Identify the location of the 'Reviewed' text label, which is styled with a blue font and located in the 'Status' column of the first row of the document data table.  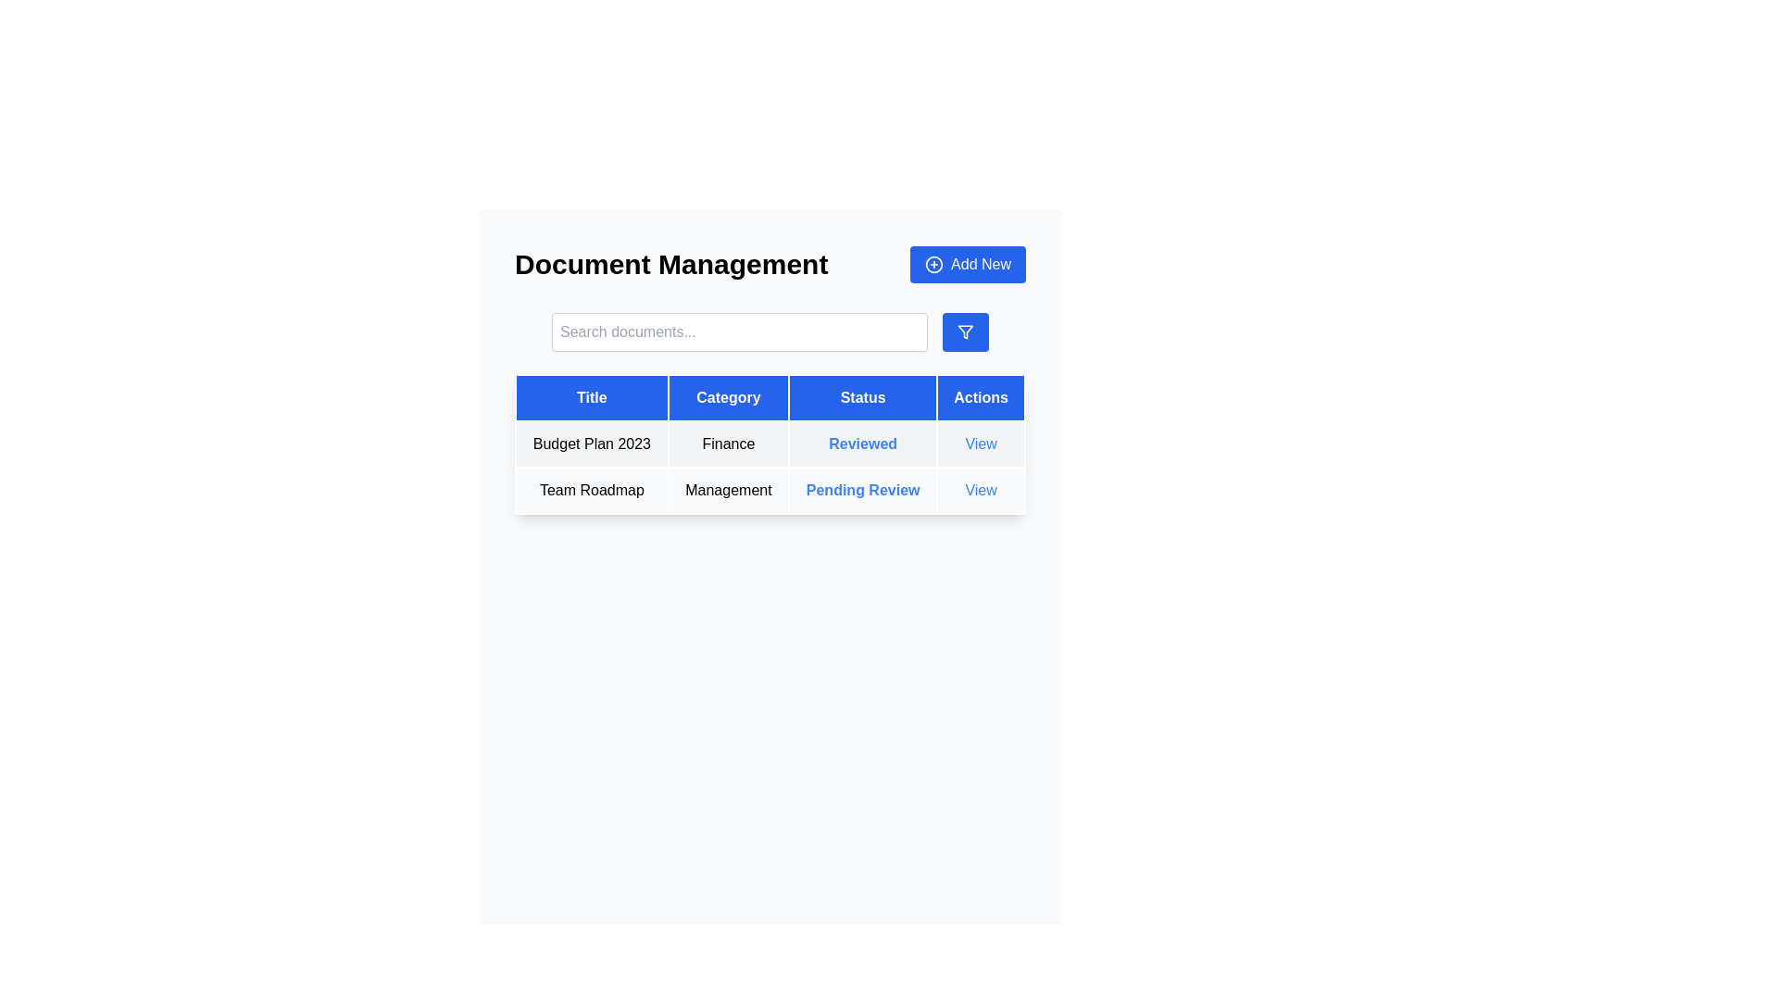
(862, 444).